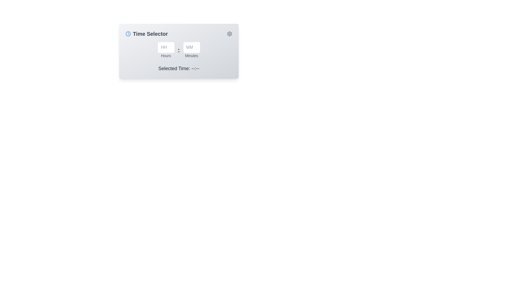 This screenshot has height=288, width=512. What do you see at coordinates (166, 55) in the screenshot?
I see `the Text Label indicating the associated field for inputting hours, which is positioned below the 'HH' input field and to the left of the 'Minutes' text element` at bounding box center [166, 55].